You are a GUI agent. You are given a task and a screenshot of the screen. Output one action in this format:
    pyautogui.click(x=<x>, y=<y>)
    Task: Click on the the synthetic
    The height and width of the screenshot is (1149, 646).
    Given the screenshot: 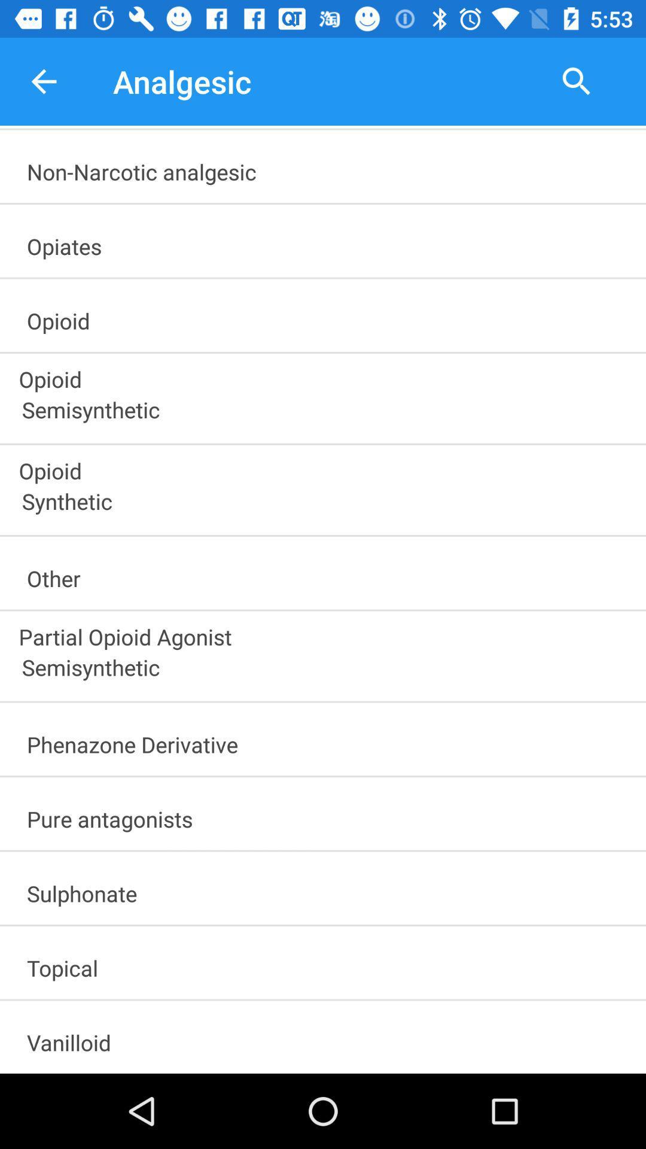 What is the action you would take?
    pyautogui.click(x=328, y=505)
    